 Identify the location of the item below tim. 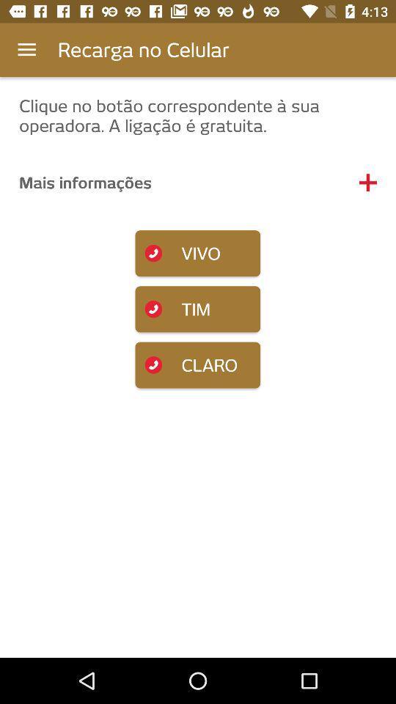
(197, 364).